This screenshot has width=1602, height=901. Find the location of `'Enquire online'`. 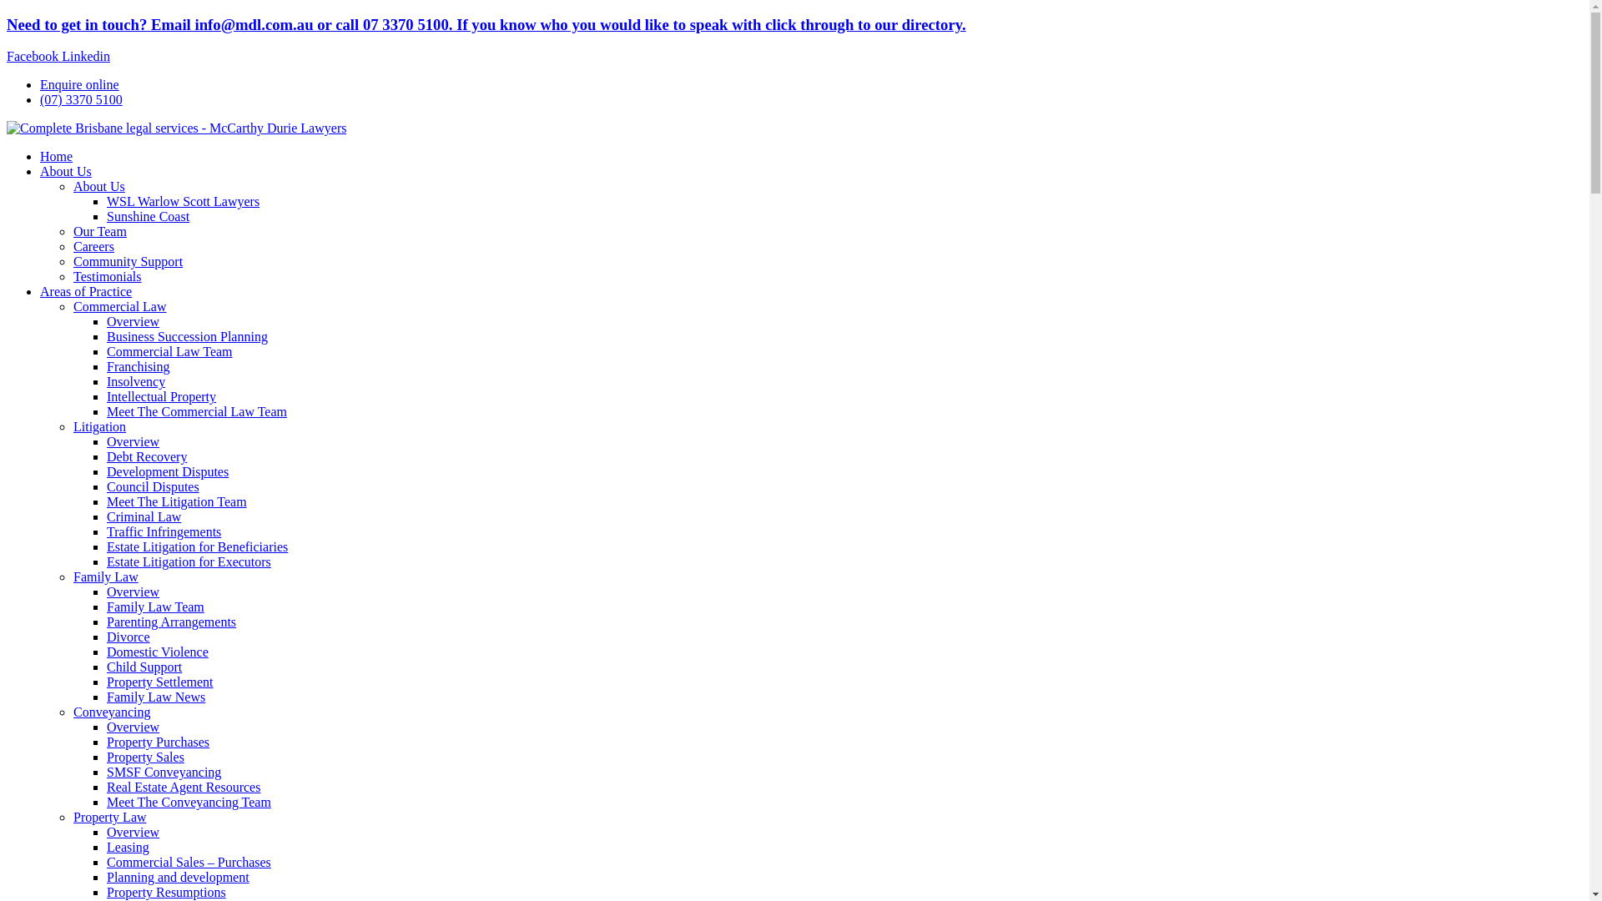

'Enquire online' is located at coordinates (40, 84).